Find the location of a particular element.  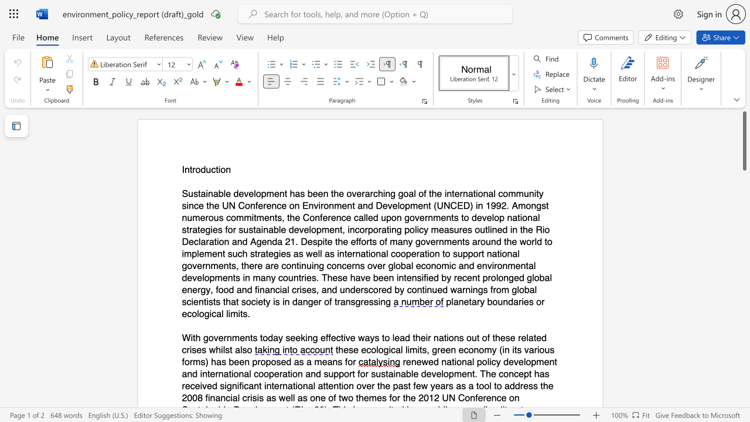

the vertical scrollbar to lower the page content is located at coordinates (744, 397).